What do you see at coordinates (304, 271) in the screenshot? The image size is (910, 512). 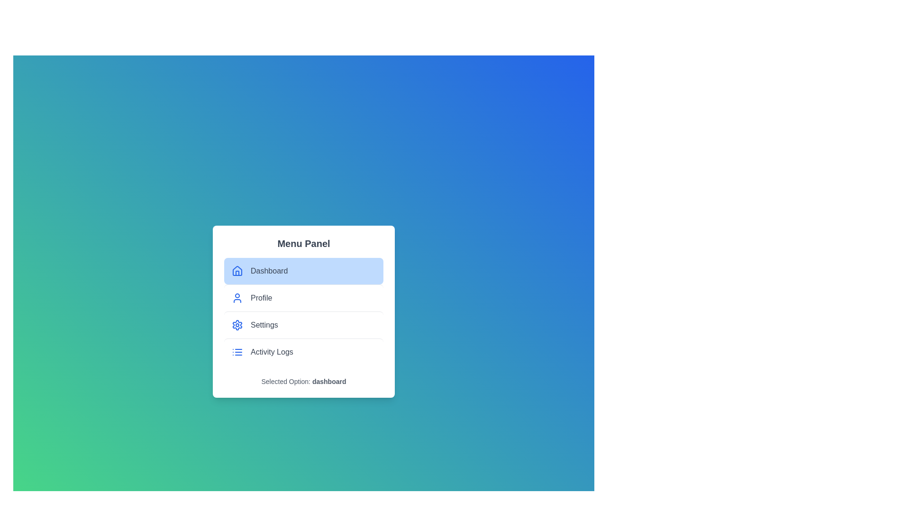 I see `the menu option dashboard by clicking on its entry` at bounding box center [304, 271].